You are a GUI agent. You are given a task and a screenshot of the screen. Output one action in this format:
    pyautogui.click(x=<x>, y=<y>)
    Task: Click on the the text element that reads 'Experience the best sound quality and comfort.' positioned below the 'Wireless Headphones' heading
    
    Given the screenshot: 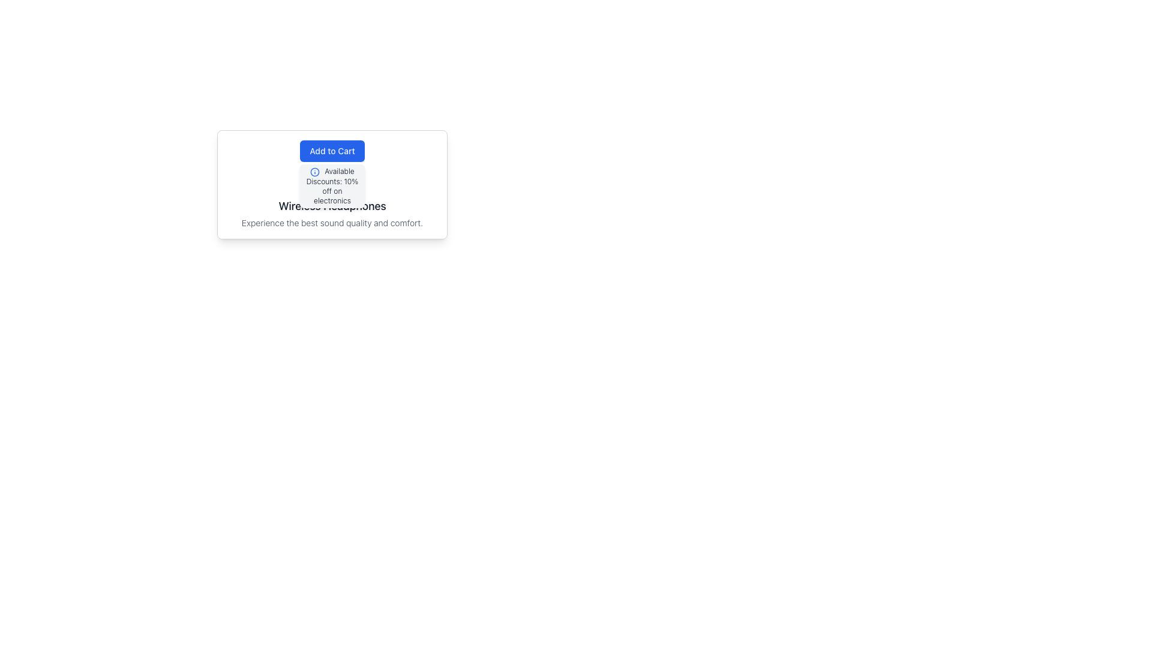 What is the action you would take?
    pyautogui.click(x=332, y=223)
    